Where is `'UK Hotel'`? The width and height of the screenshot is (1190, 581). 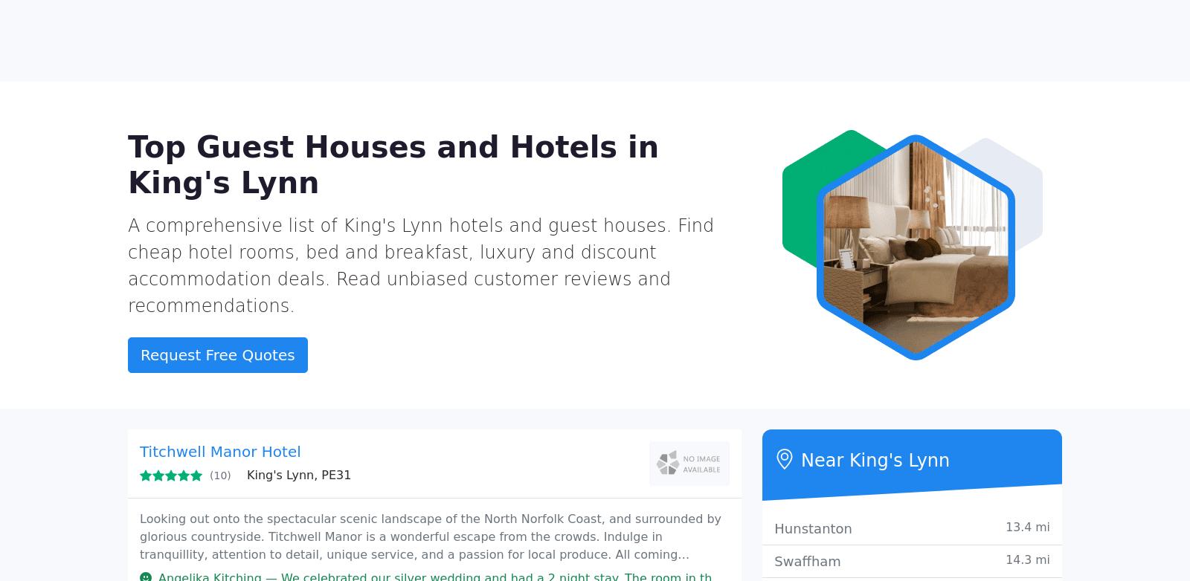
'UK Hotel' is located at coordinates (202, 51).